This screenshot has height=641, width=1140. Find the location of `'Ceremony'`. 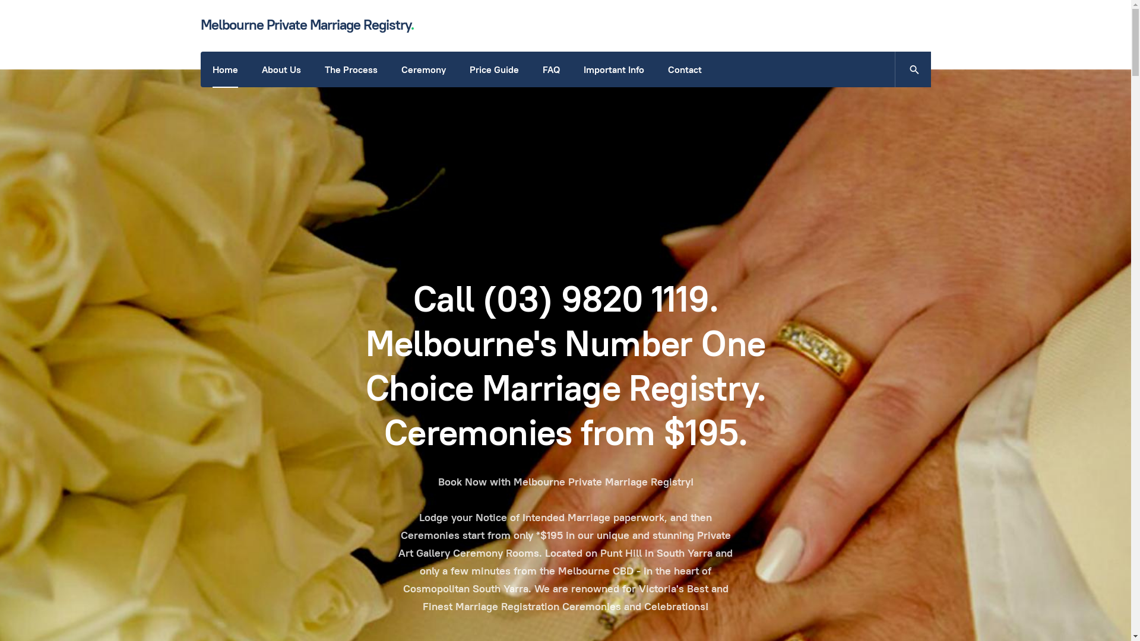

'Ceremony' is located at coordinates (423, 69).